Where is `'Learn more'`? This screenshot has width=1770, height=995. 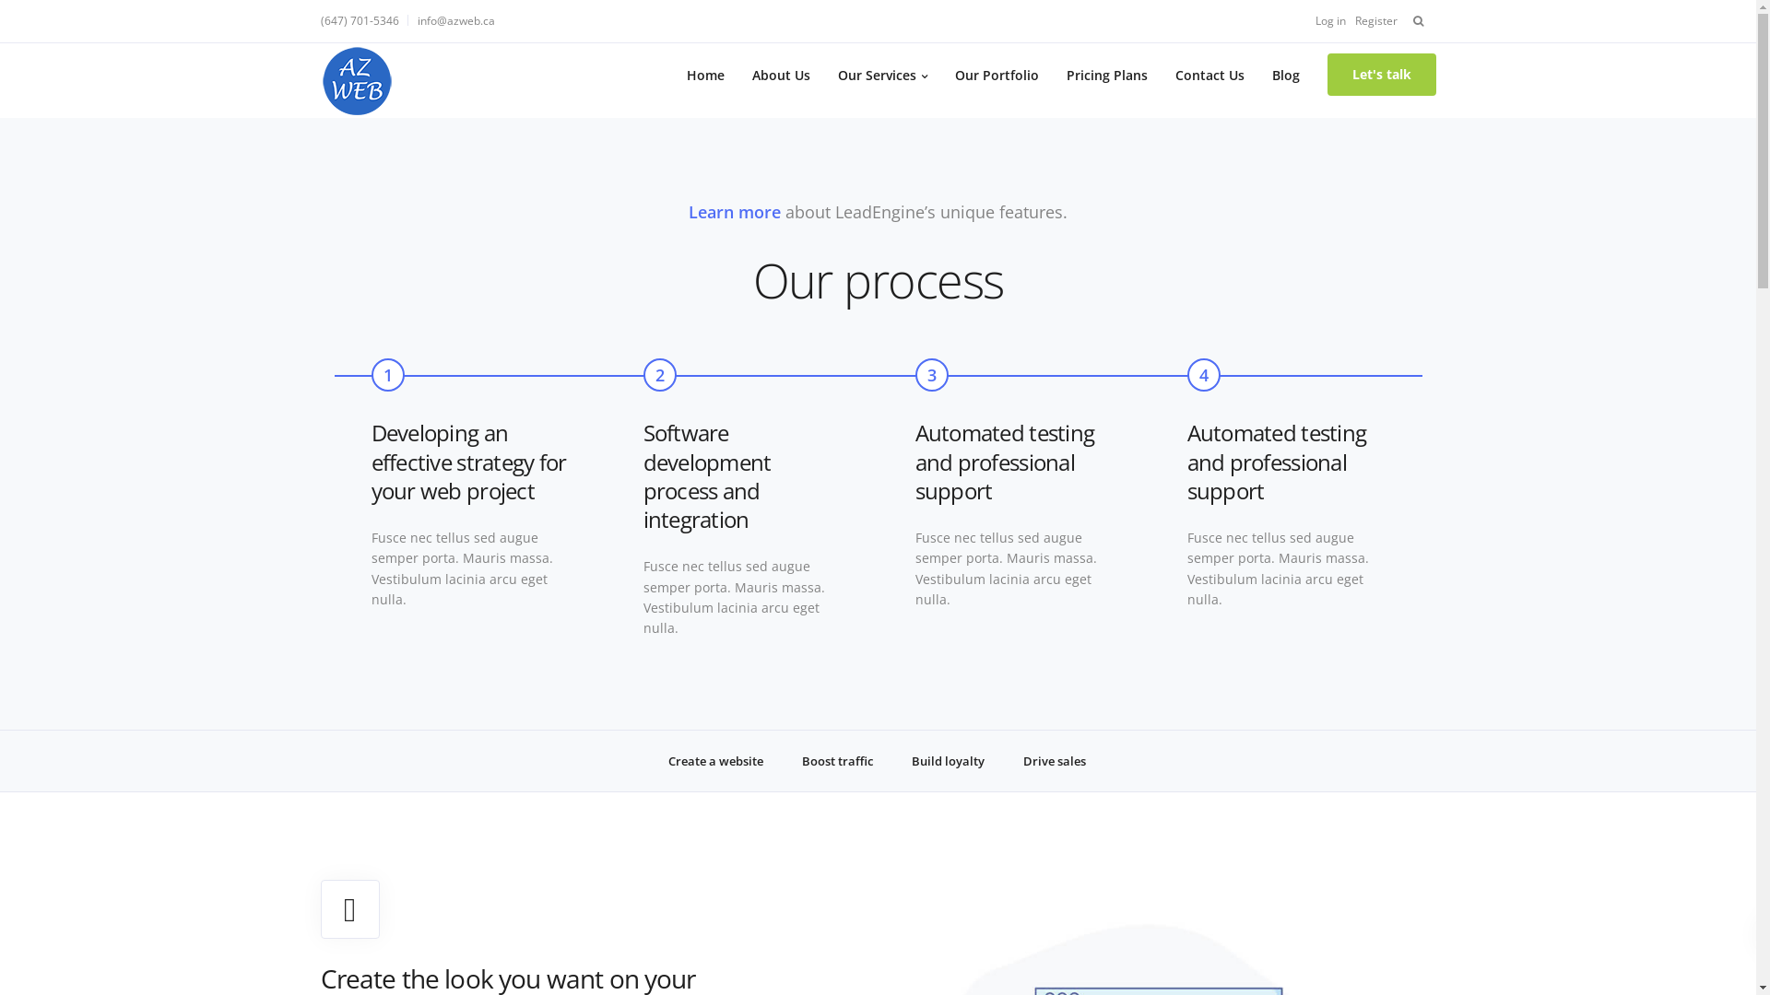
'Learn more' is located at coordinates (733, 211).